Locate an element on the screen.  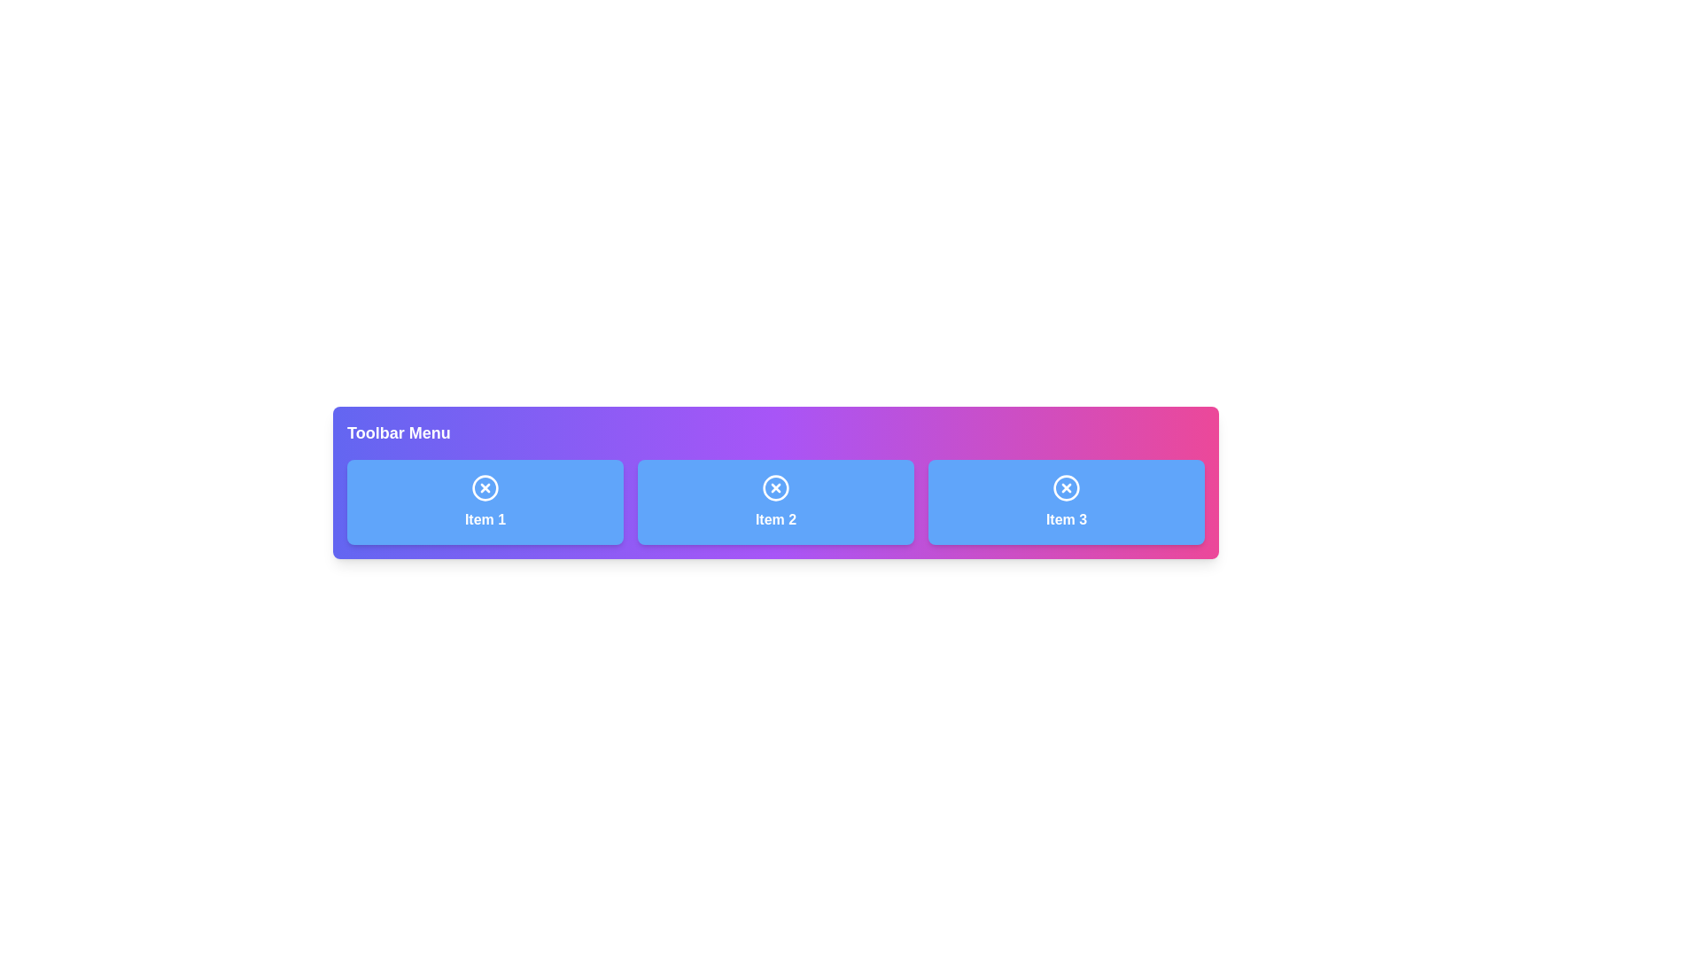
the Text Label at the top-left corner of the toolbar, which serves as a title or label for the toolbar is located at coordinates (398, 433).